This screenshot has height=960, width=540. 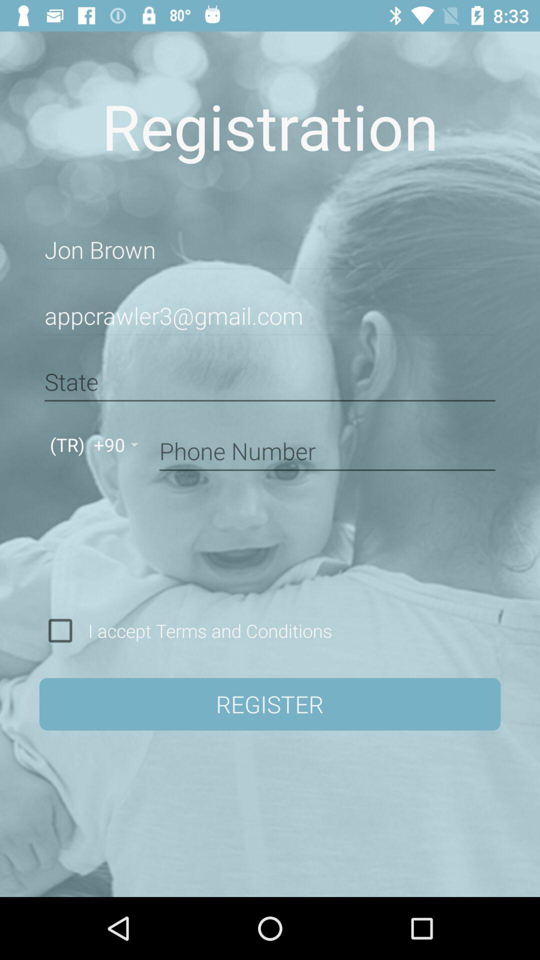 What do you see at coordinates (60, 630) in the screenshot?
I see `indicate you accept terms and conditions` at bounding box center [60, 630].